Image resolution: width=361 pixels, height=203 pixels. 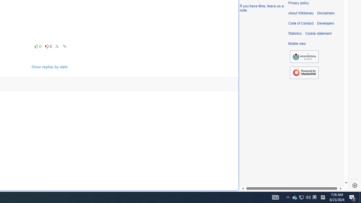 I want to click on 'Show replies by date', so click(x=50, y=66).